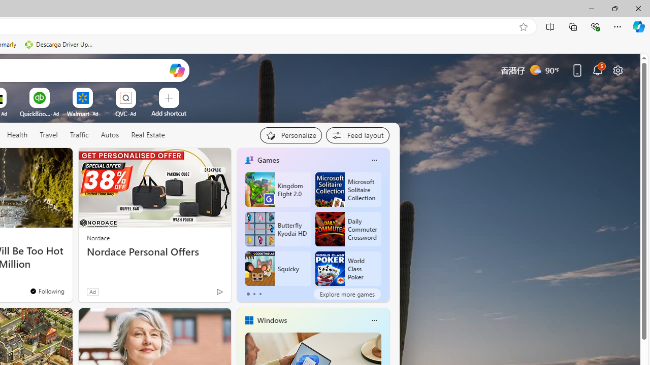  What do you see at coordinates (46, 290) in the screenshot?
I see `'You'` at bounding box center [46, 290].